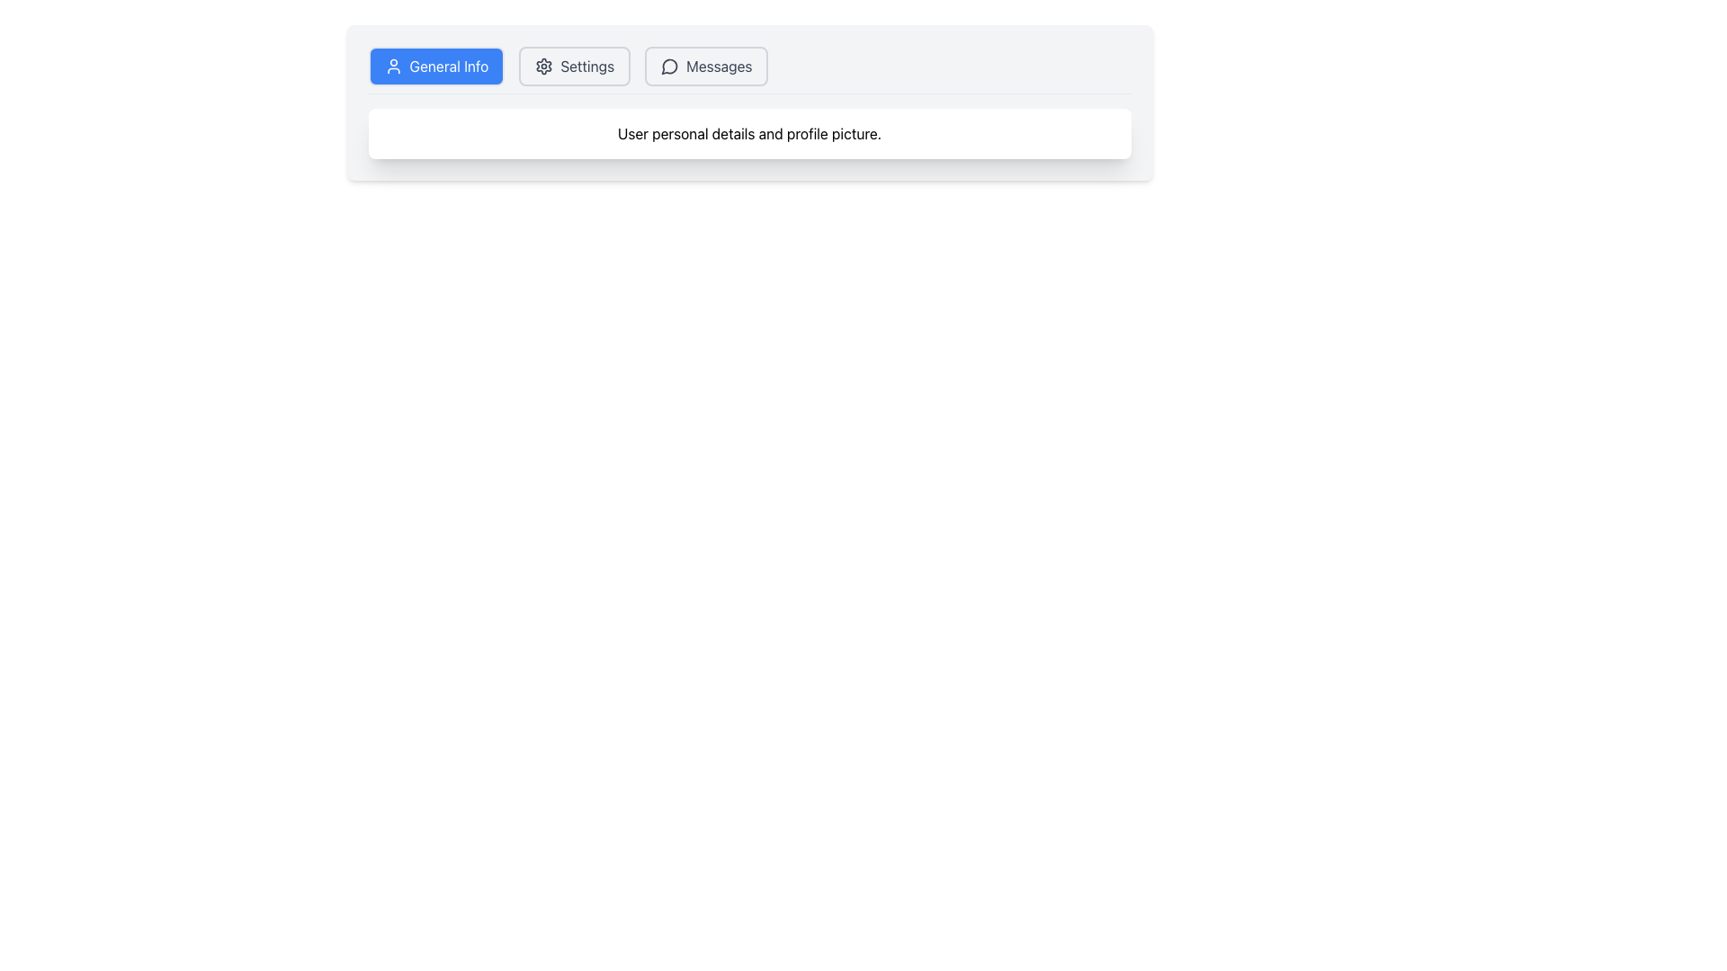 The width and height of the screenshot is (1727, 971). What do you see at coordinates (436, 65) in the screenshot?
I see `the 'General Info' button, which has a blue background, white text, and a user silhouette icon, located in the navigation bar at the top of the interface` at bounding box center [436, 65].